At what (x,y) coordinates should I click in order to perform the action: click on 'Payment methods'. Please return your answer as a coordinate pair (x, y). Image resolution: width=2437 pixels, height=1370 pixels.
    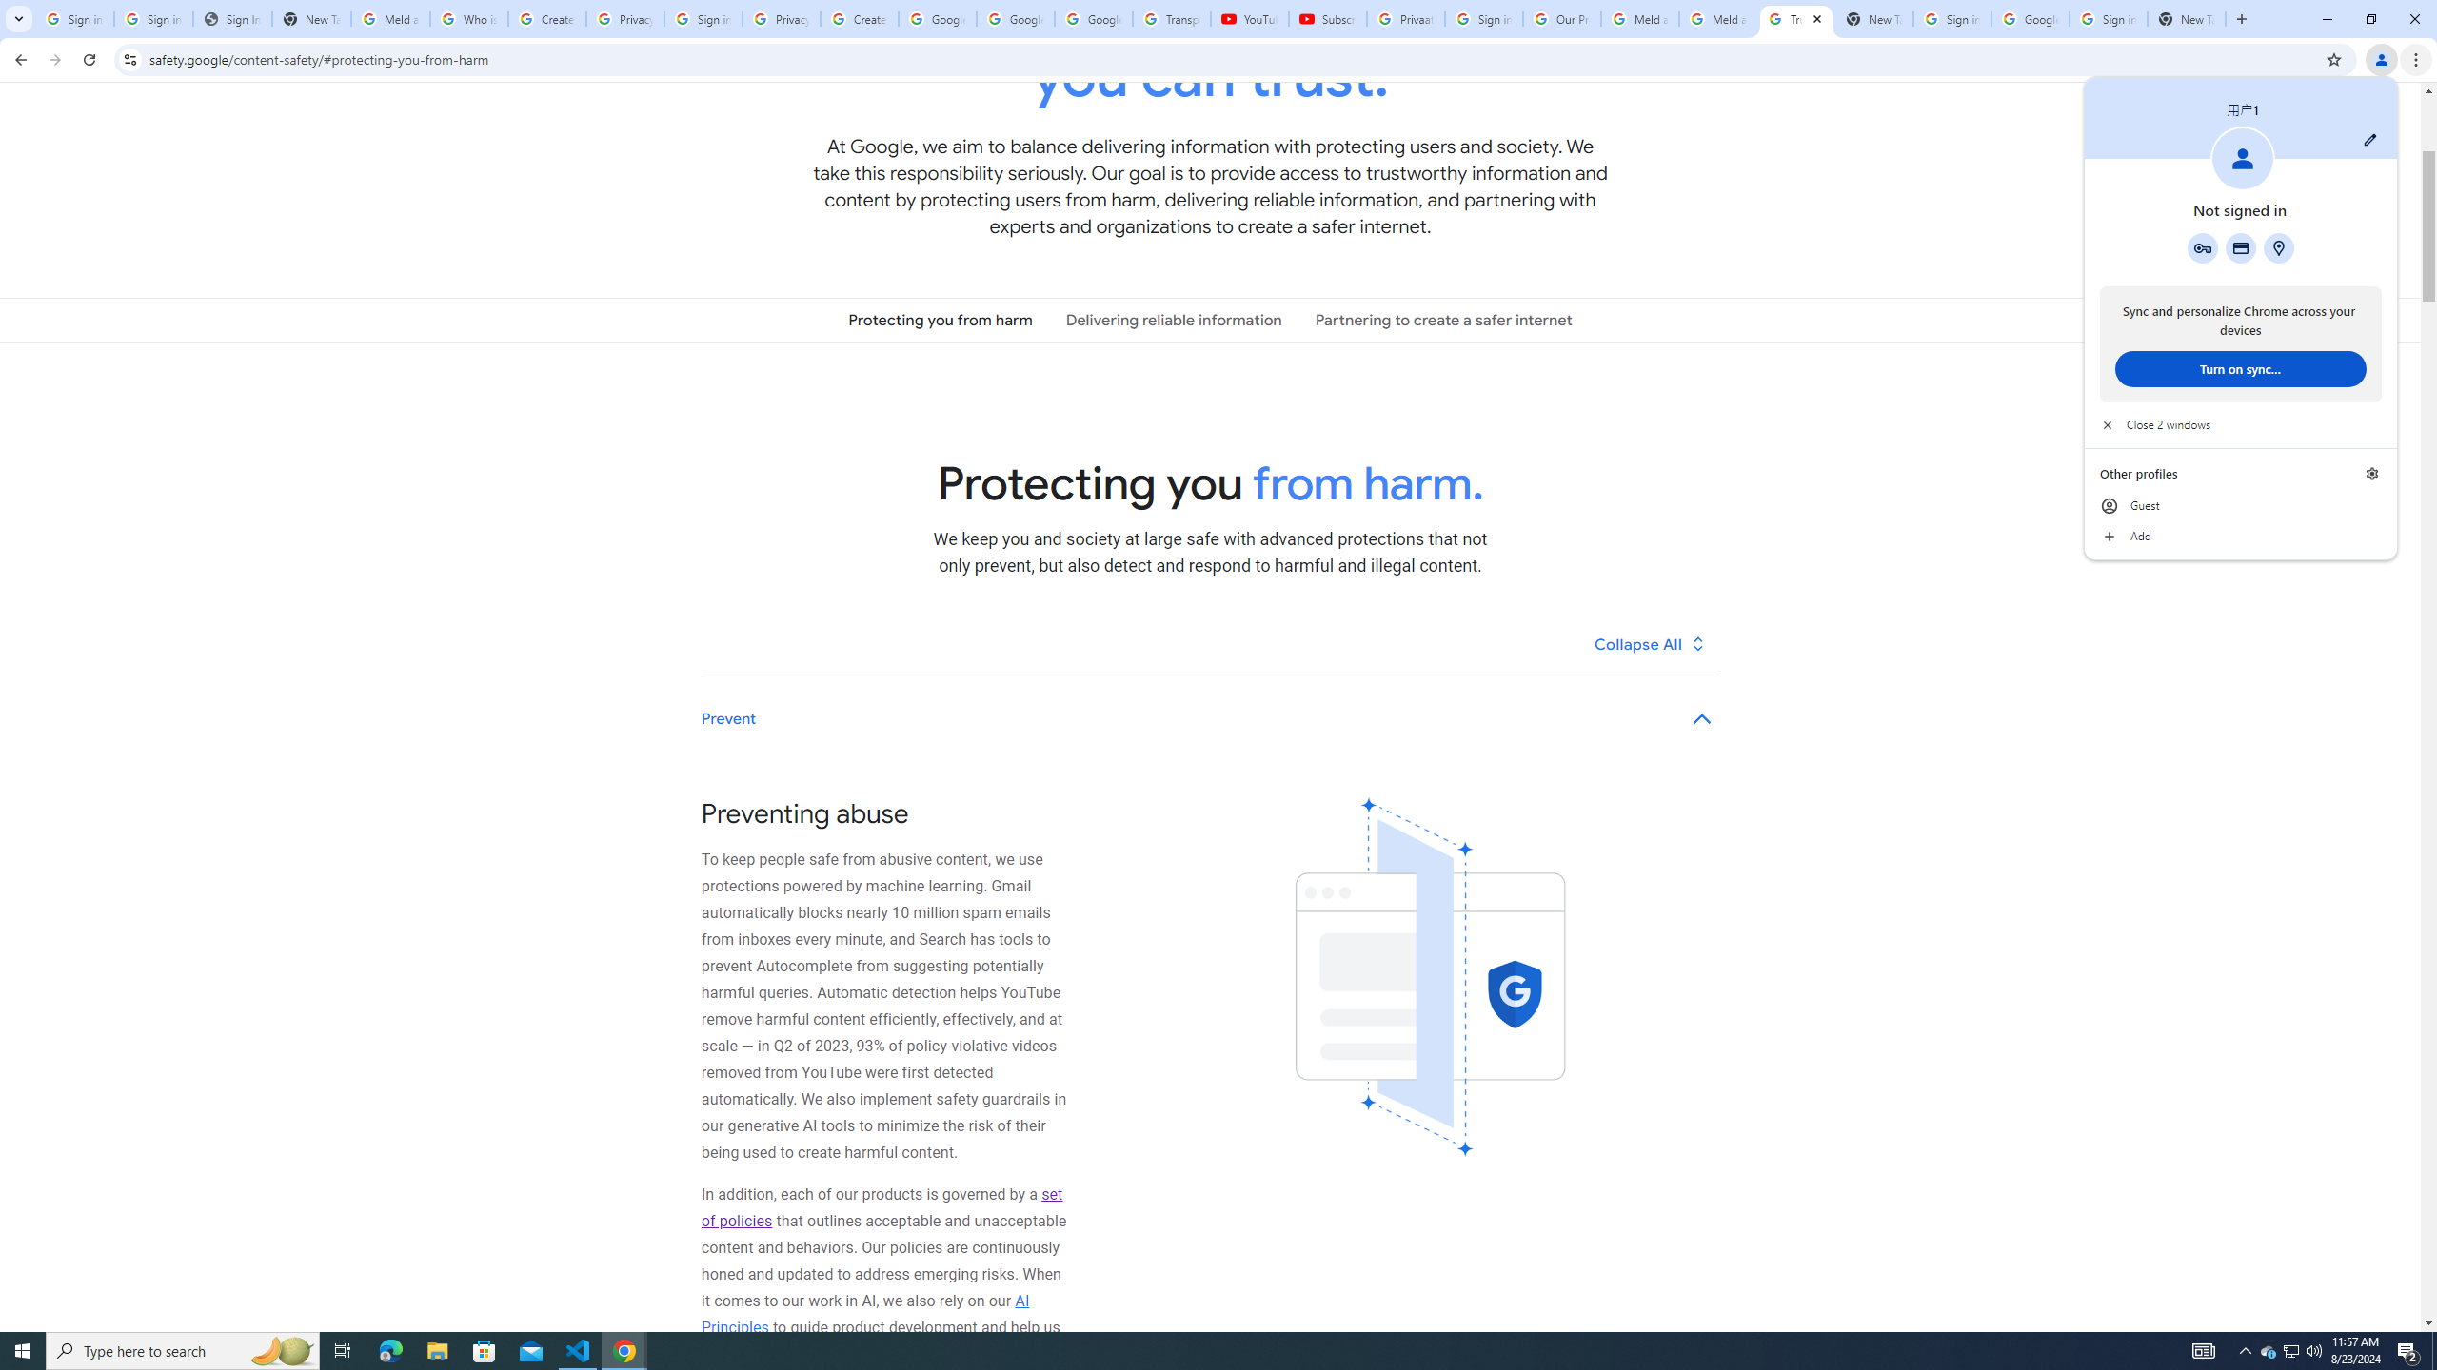
    Looking at the image, I should click on (2239, 247).